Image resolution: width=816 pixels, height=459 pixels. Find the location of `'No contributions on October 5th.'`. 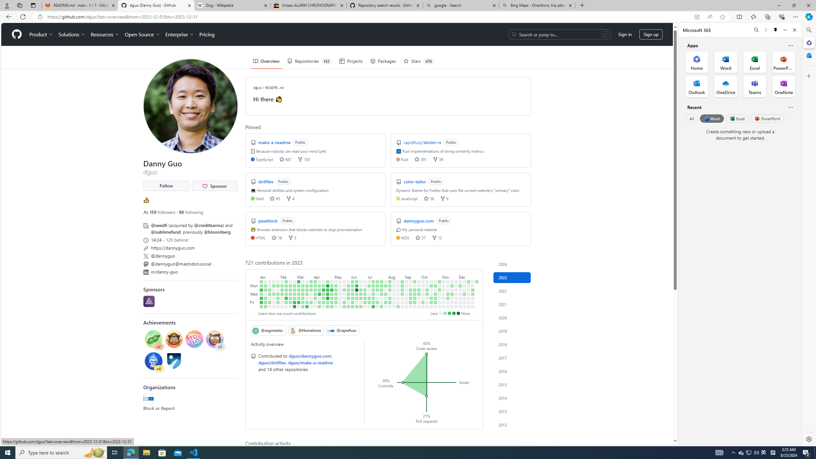

'No contributions on October 5th.' is located at coordinates (423, 298).